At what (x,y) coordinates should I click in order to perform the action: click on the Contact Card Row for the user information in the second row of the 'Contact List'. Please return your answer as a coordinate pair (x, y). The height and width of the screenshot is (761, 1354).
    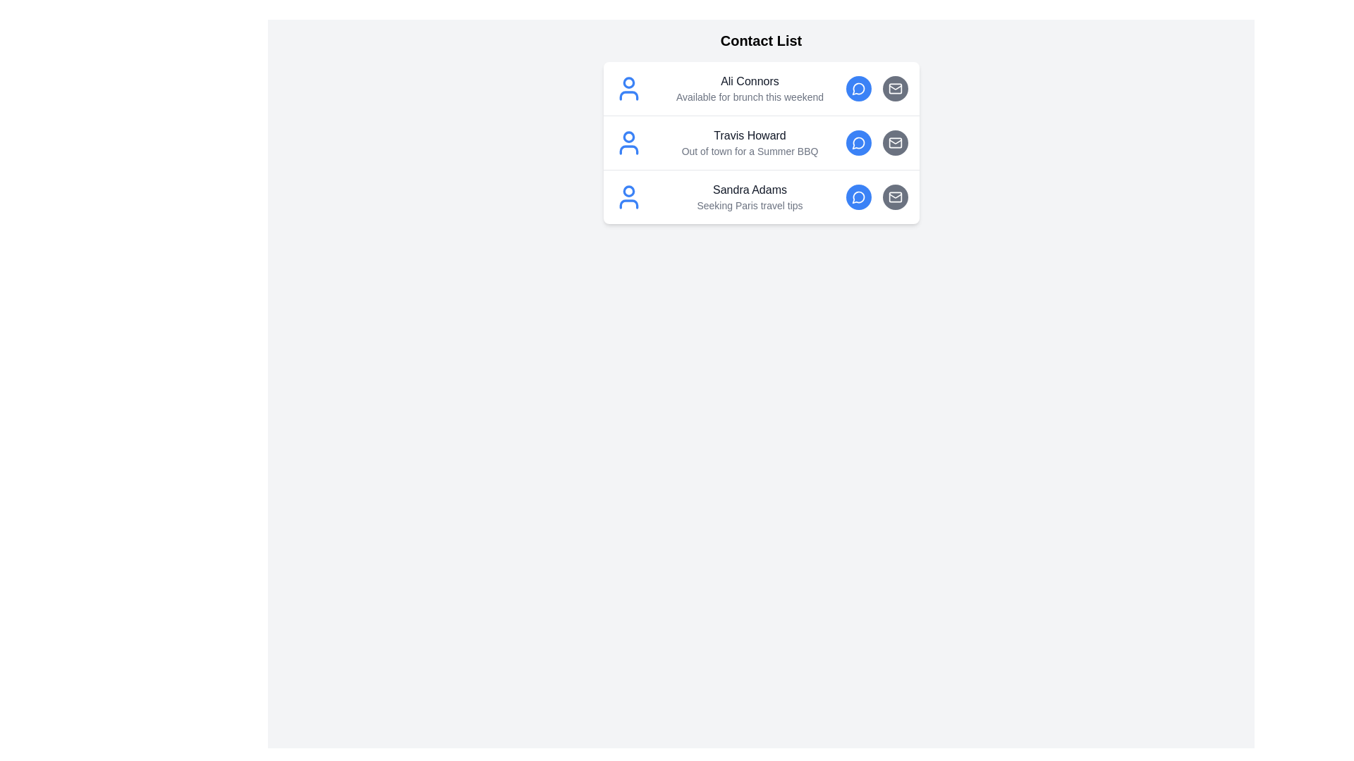
    Looking at the image, I should click on (760, 143).